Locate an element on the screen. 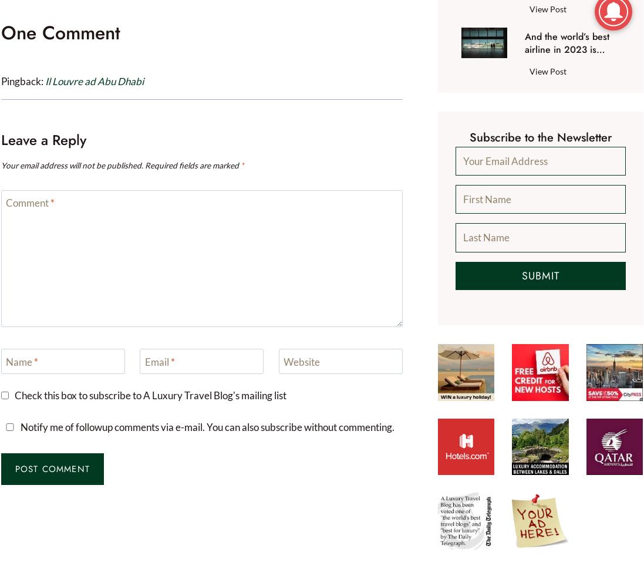 This screenshot has width=644, height=566. 'Submit' is located at coordinates (540, 275).